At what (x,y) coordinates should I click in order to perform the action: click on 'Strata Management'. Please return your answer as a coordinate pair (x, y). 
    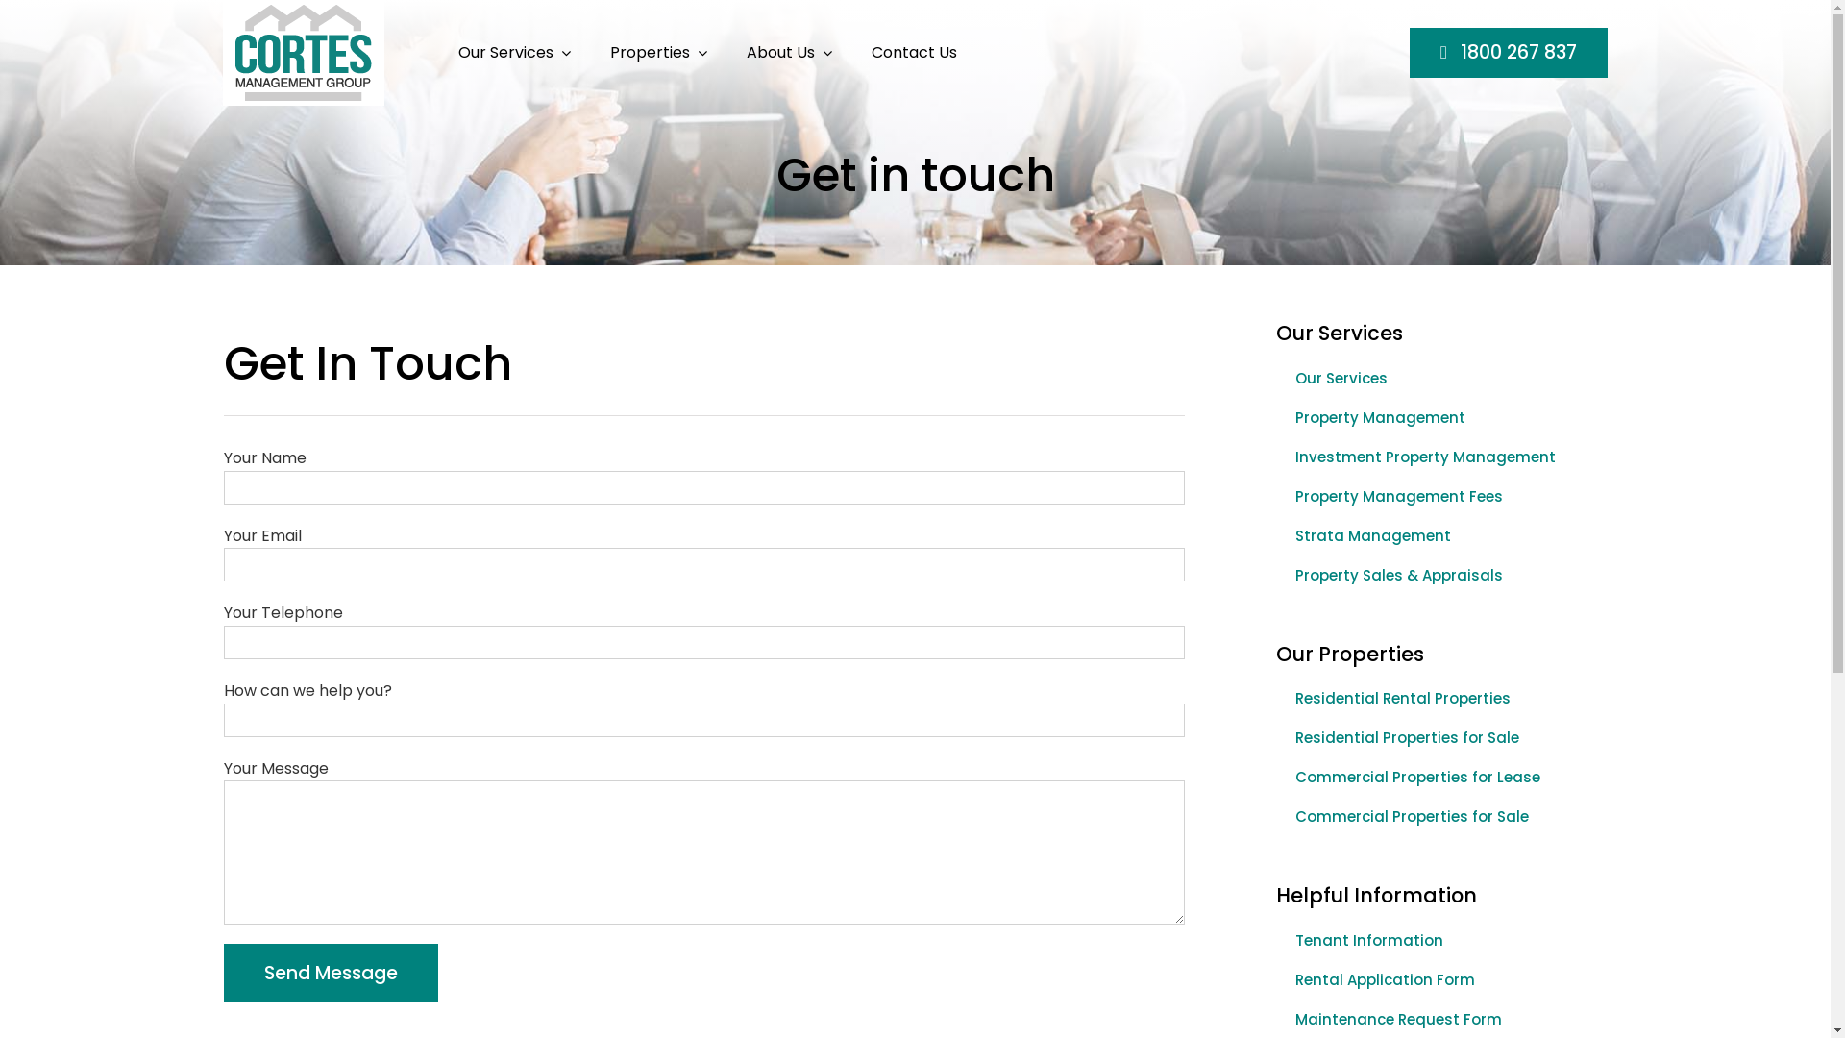
    Looking at the image, I should click on (1434, 536).